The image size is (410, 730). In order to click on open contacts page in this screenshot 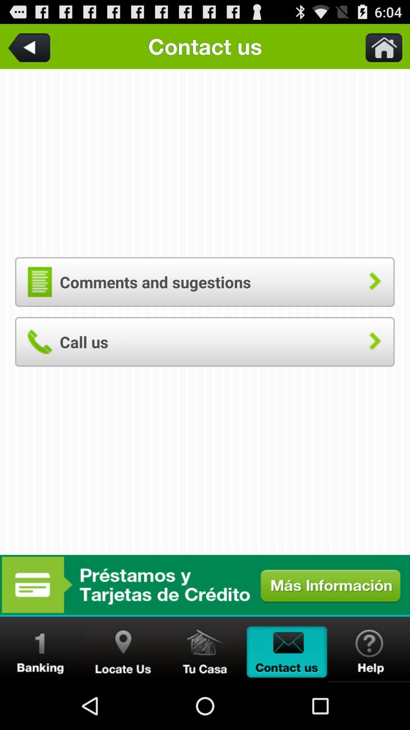, I will do `click(287, 649)`.